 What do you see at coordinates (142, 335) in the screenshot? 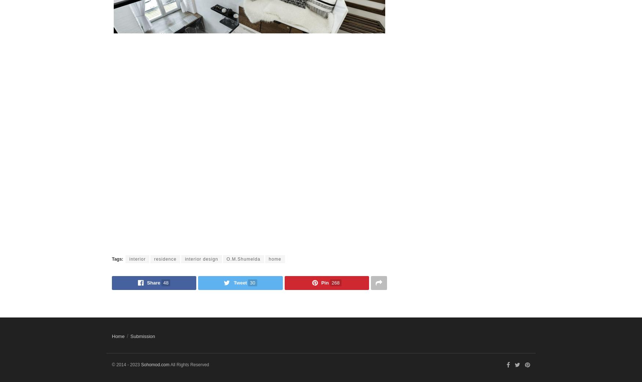
I see `'Submission'` at bounding box center [142, 335].